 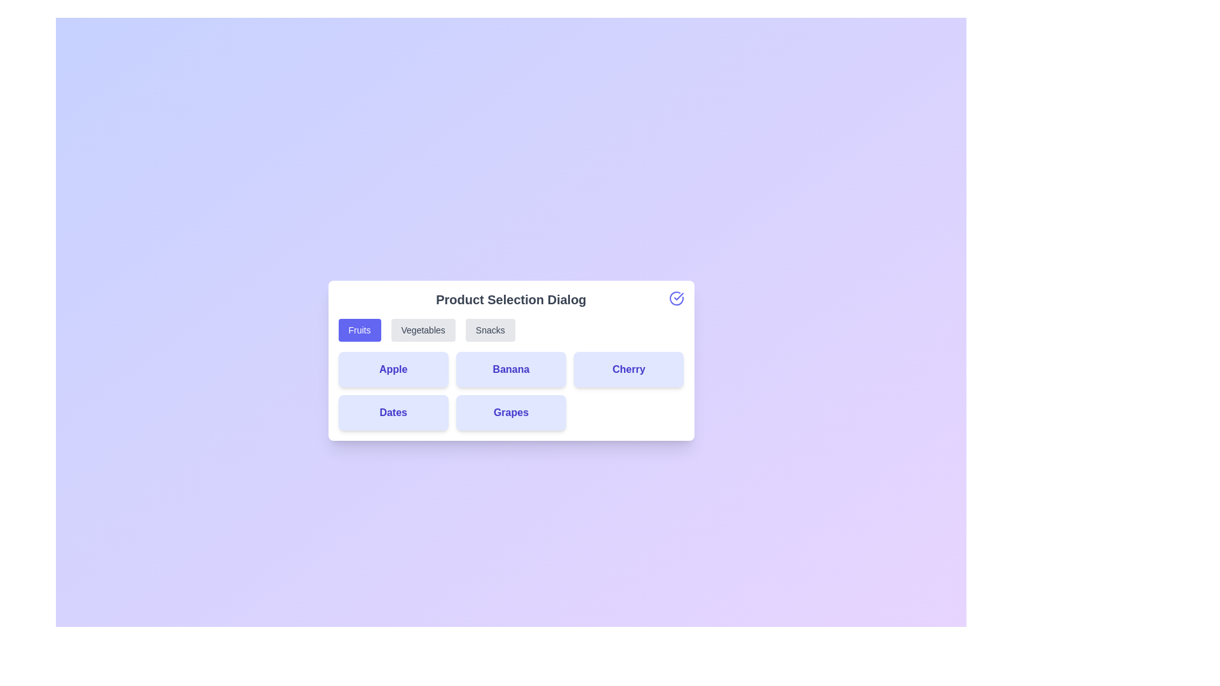 What do you see at coordinates (675, 299) in the screenshot?
I see `close button at the top-right corner of the dialog` at bounding box center [675, 299].